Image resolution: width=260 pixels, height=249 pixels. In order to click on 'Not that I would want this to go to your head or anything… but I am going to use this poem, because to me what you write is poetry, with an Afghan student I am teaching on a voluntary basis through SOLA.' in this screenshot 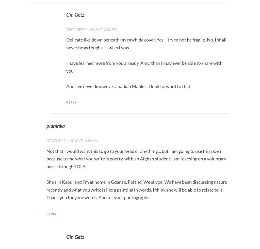, I will do `click(136, 158)`.